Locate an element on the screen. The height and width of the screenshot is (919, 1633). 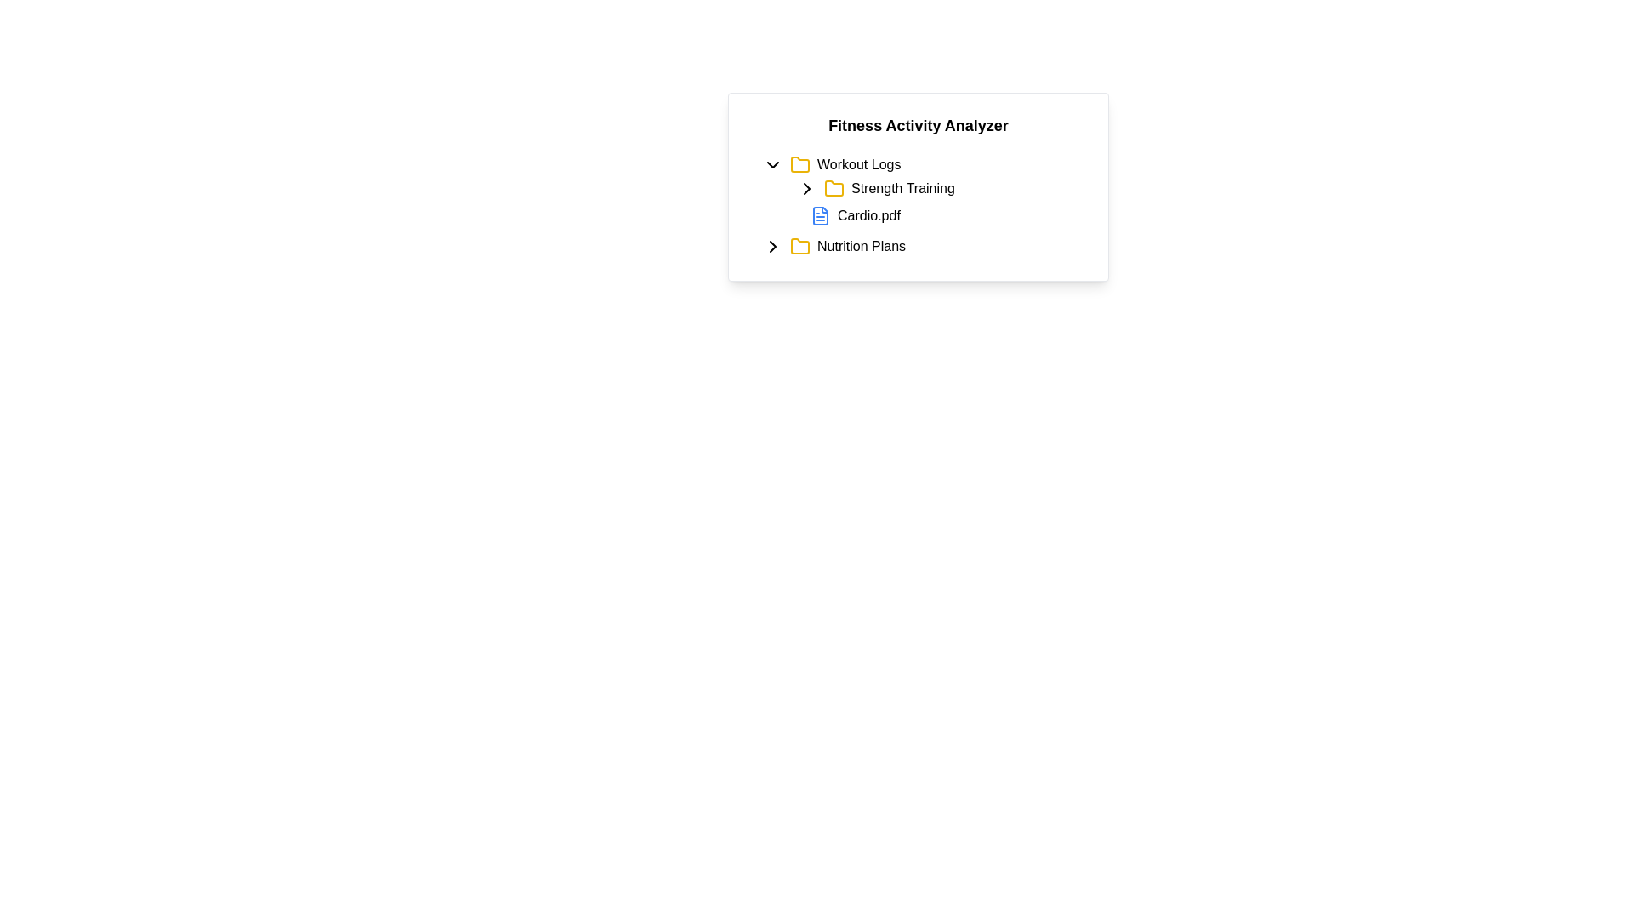
the file link labeled 'Cardio.pdf' located under the 'Strength Training' section of the 'Fitness Activity Analyzer' is located at coordinates (942, 215).